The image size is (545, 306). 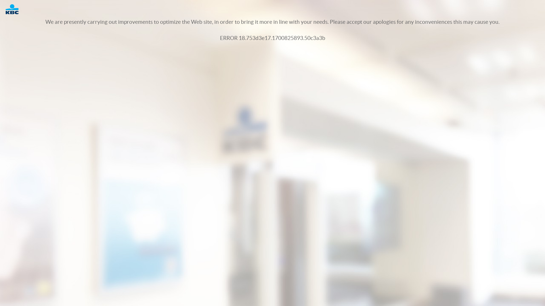 What do you see at coordinates (15, 9) in the screenshot?
I see `'Logo'` at bounding box center [15, 9].